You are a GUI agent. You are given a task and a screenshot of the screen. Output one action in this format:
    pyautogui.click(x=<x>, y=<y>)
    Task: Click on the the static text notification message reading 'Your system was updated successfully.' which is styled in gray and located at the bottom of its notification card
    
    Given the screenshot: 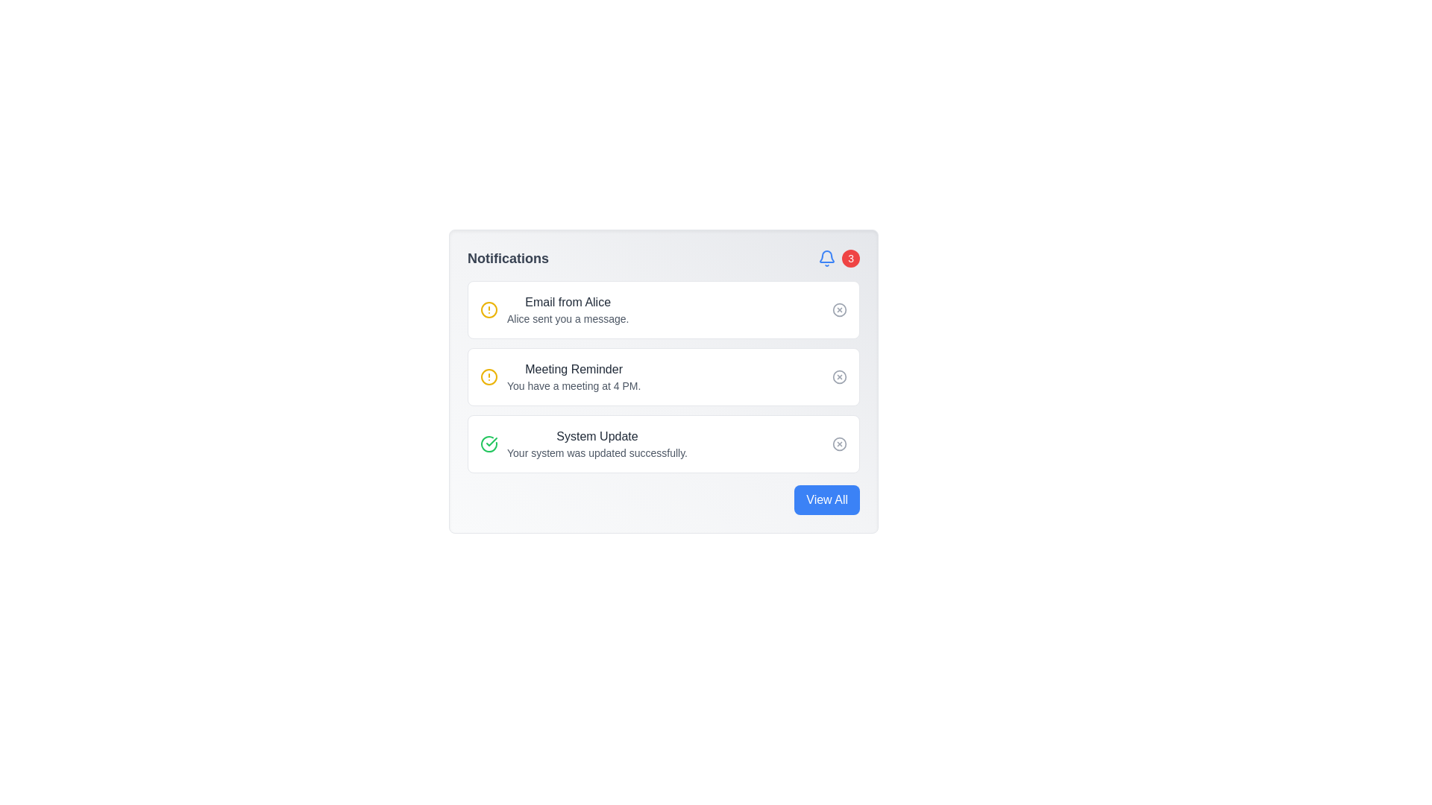 What is the action you would take?
    pyautogui.click(x=597, y=452)
    